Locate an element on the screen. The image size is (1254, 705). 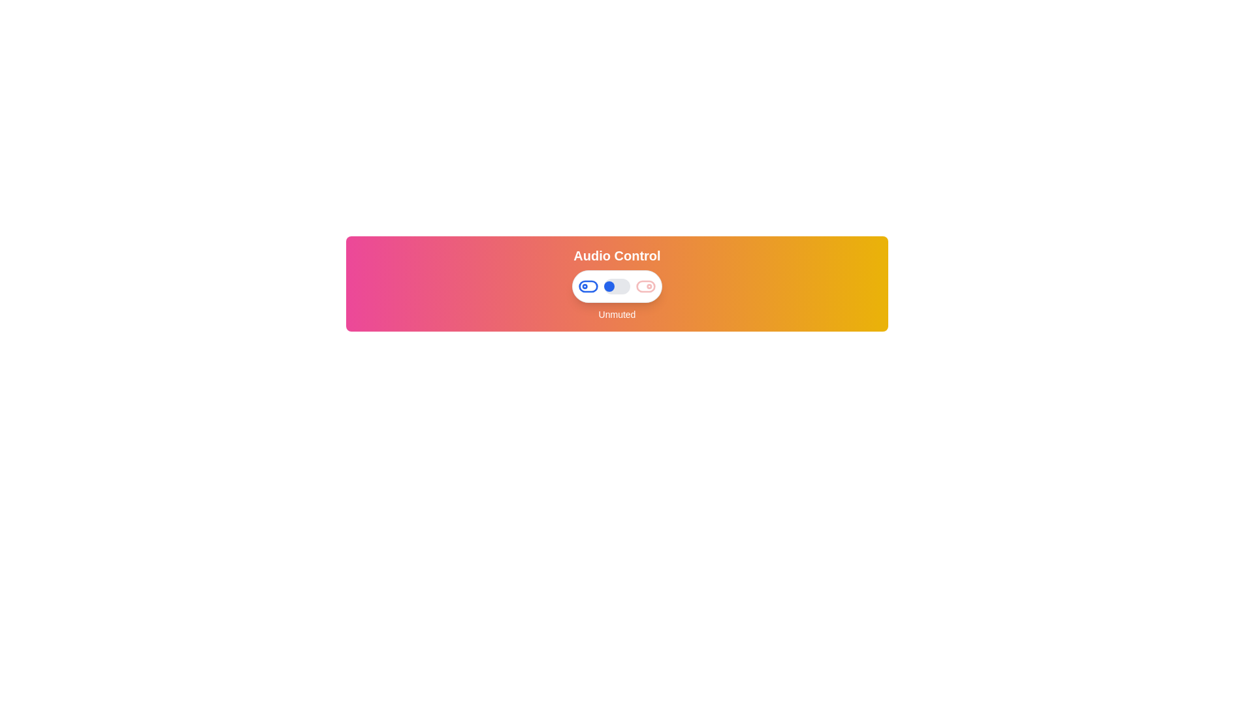
the active state Decorative Shape of the toggle switch, which is the left inner rounded rectangle adjacent to the circular knob is located at coordinates (588, 286).